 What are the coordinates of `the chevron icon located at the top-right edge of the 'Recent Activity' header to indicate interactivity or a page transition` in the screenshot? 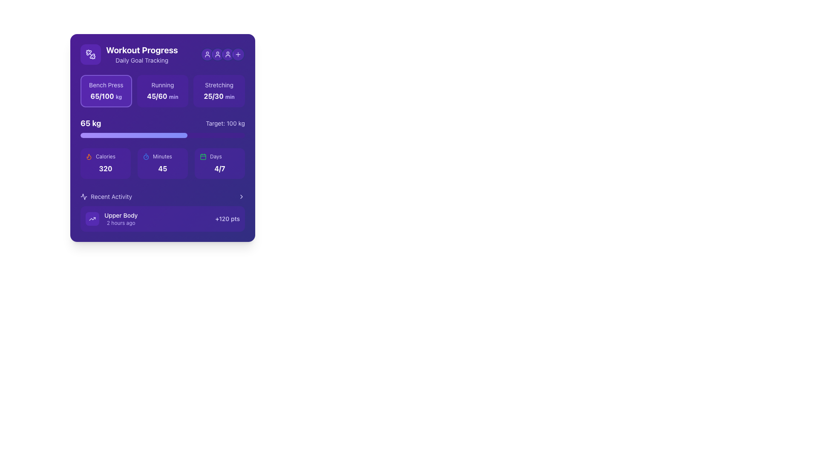 It's located at (241, 197).